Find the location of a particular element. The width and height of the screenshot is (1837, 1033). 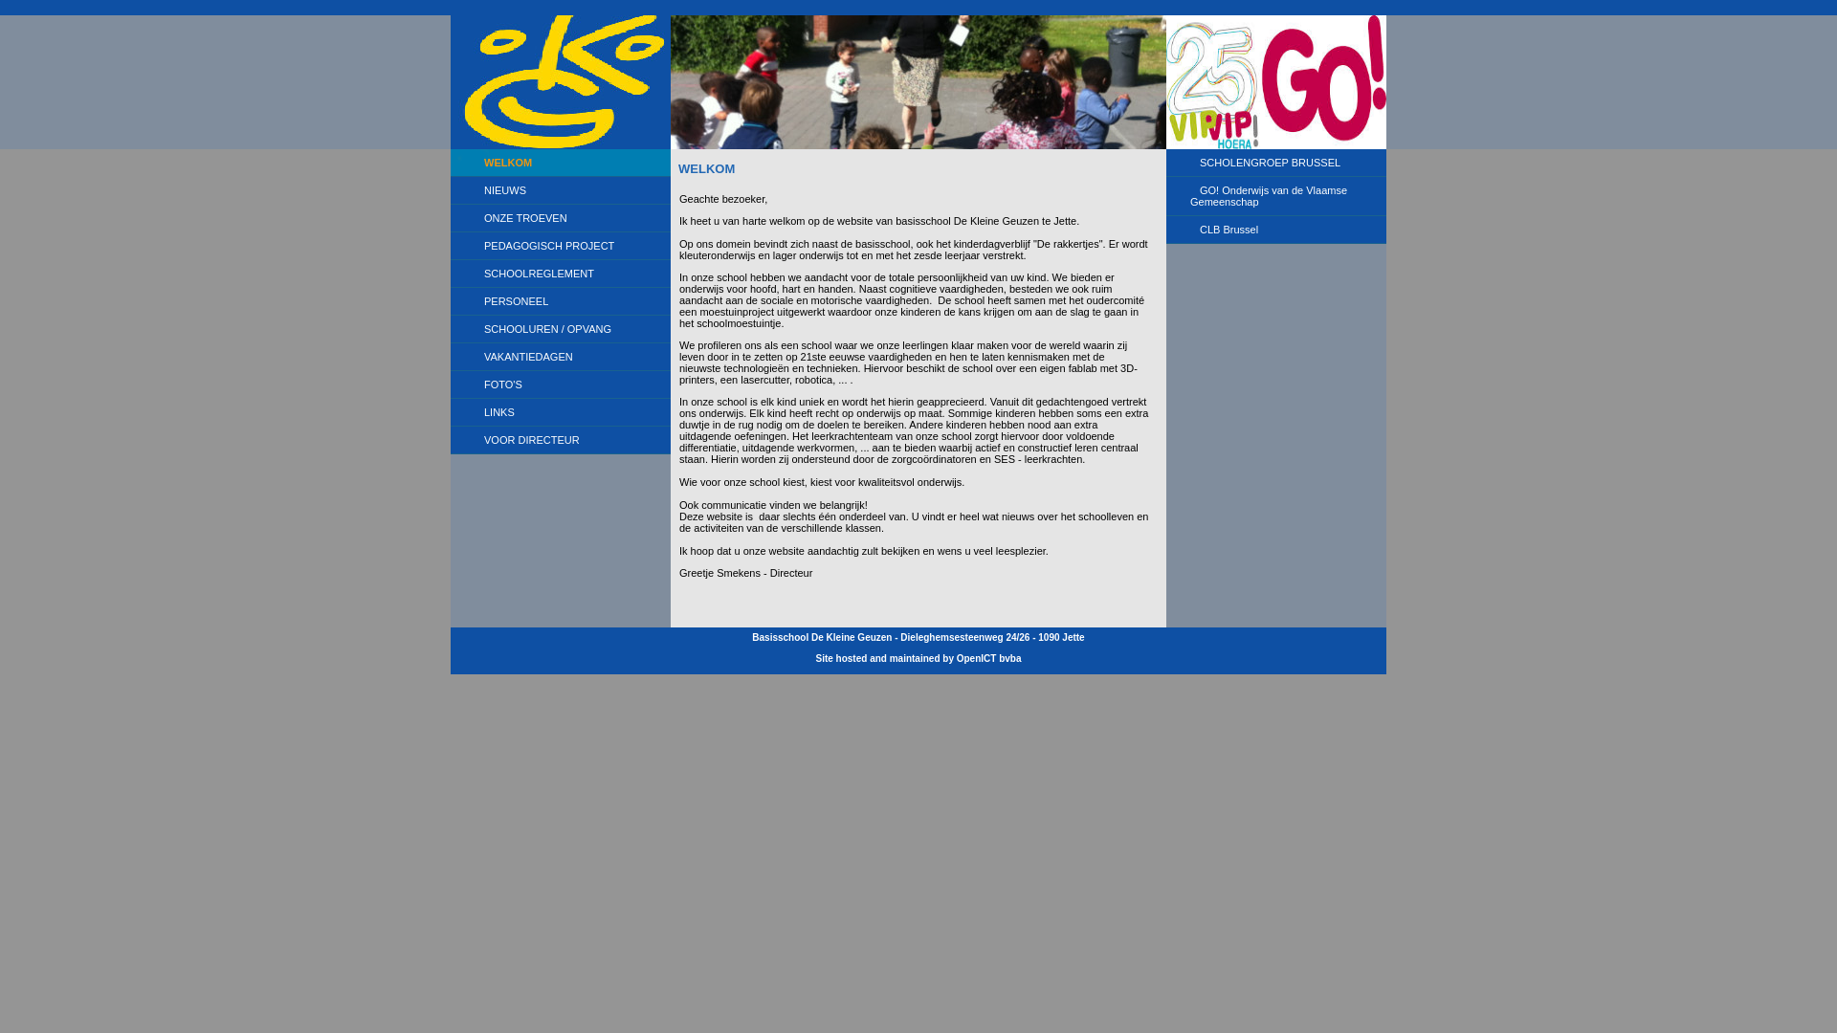

'WELKOM' is located at coordinates (559, 162).